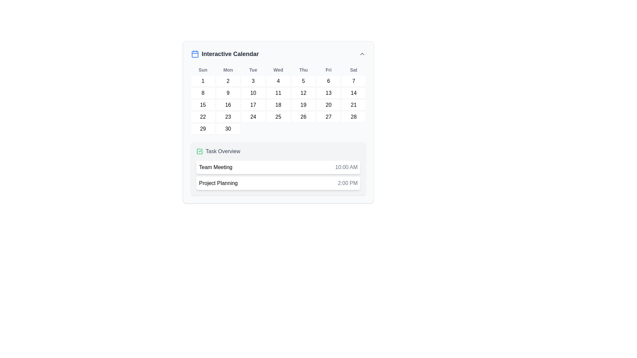 The image size is (637, 358). What do you see at coordinates (202, 117) in the screenshot?
I see `the Calendar date cell representing the 22nd day of the month` at bounding box center [202, 117].